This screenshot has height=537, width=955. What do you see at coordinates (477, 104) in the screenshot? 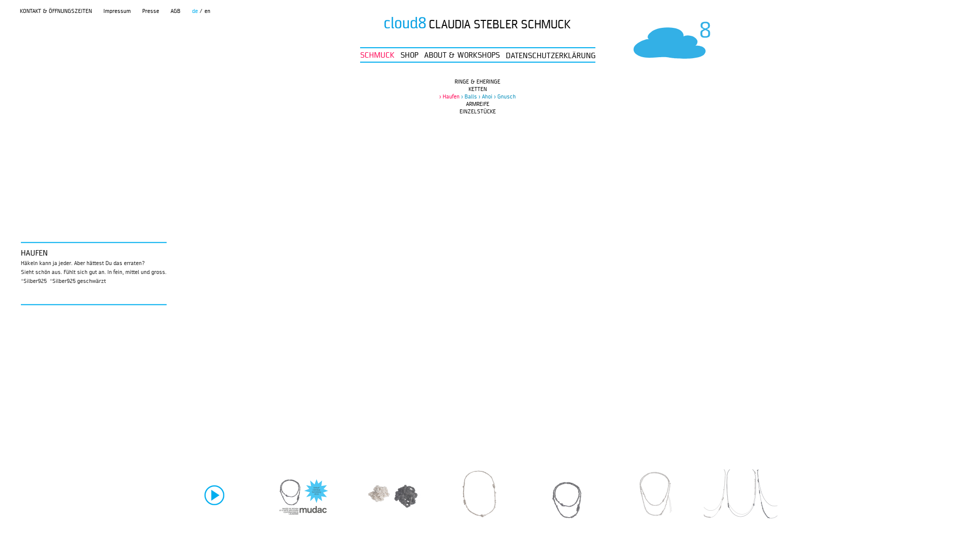
I see `'ARMREIFE'` at bounding box center [477, 104].